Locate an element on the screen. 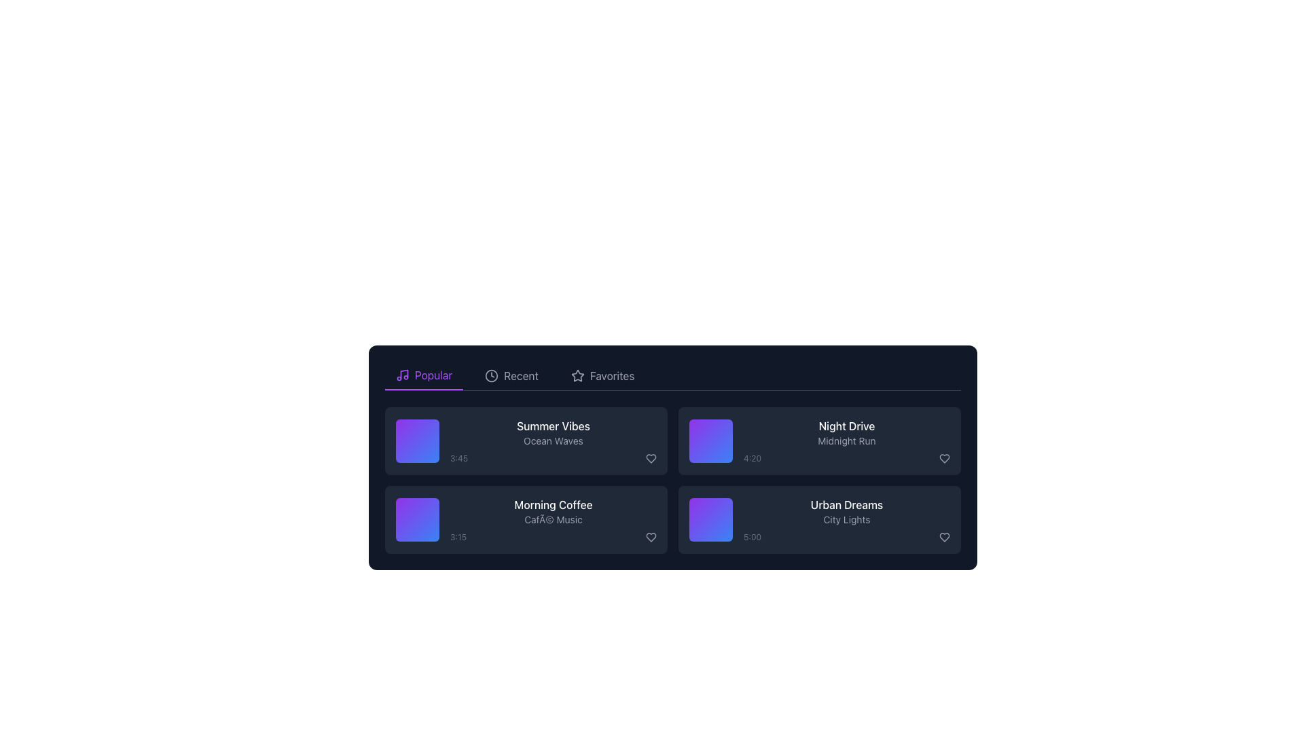  the 'Favorites' tab in the horizontal menu bar is located at coordinates (602, 376).